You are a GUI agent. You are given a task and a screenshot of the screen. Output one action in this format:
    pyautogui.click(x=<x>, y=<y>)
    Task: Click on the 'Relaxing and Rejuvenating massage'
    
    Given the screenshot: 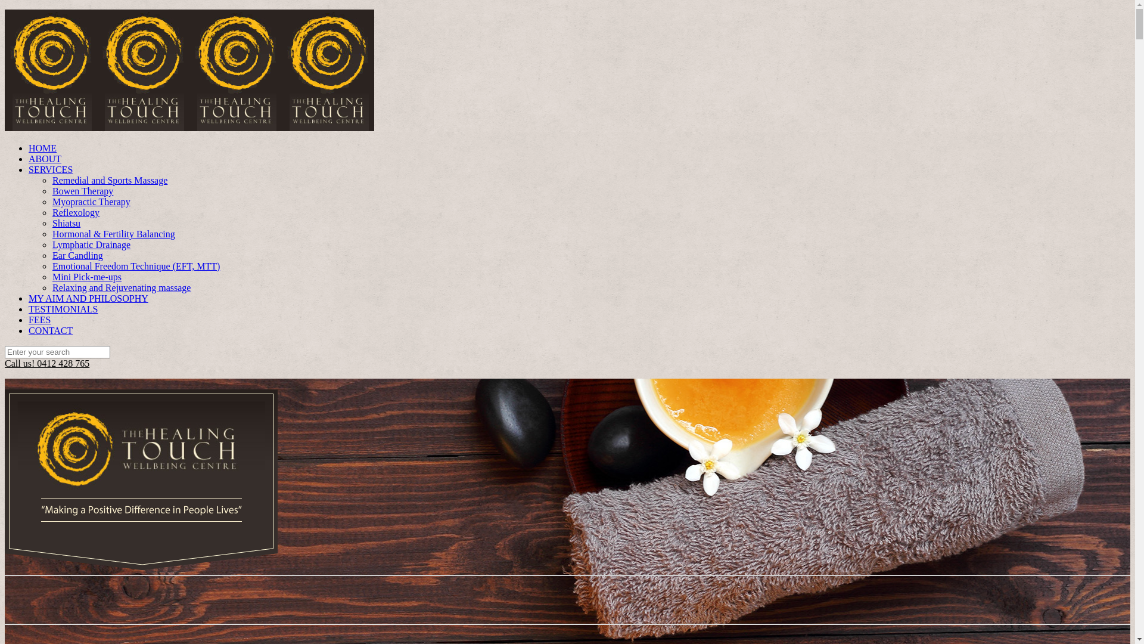 What is the action you would take?
    pyautogui.click(x=121, y=287)
    